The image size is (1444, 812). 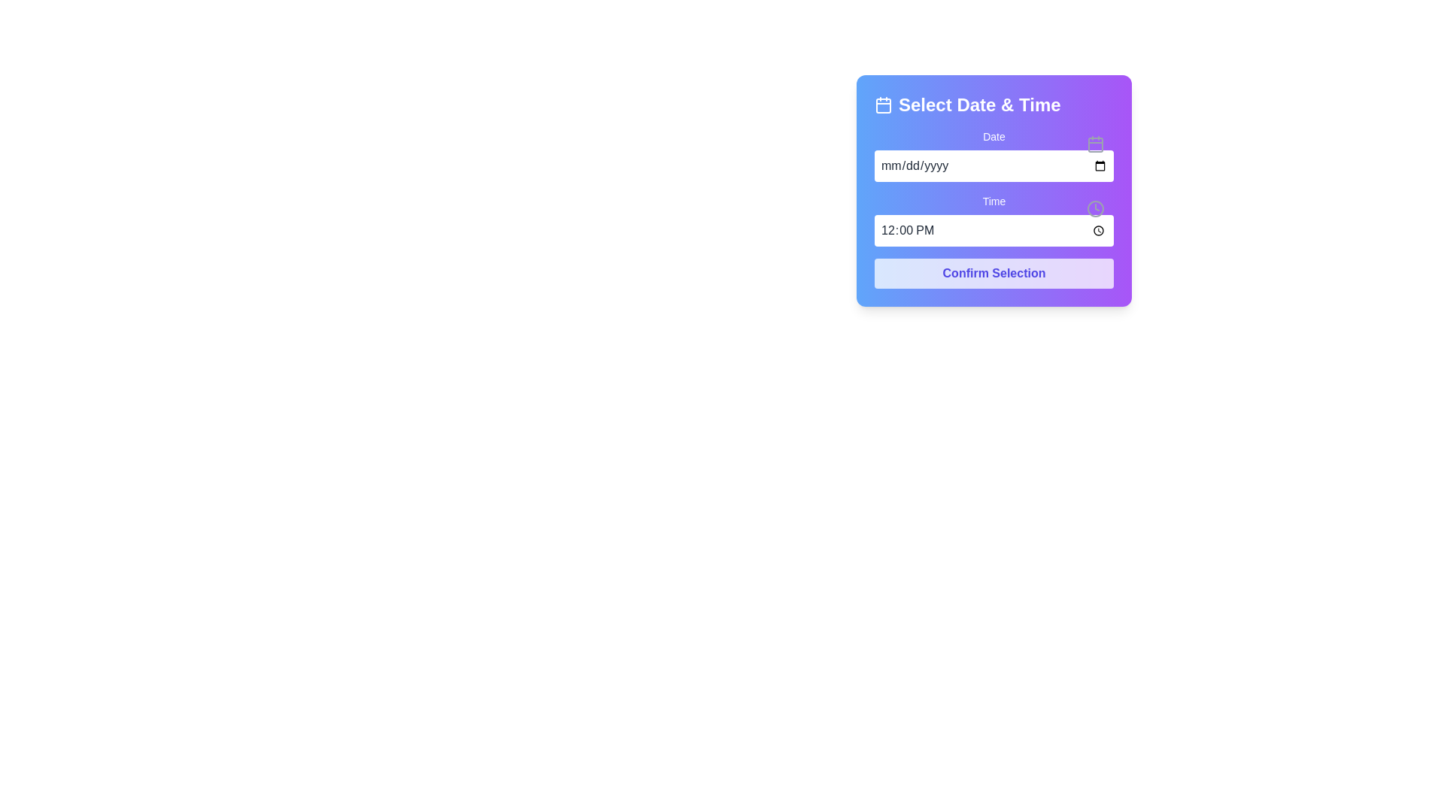 What do you see at coordinates (884, 104) in the screenshot?
I see `the decorative icon located to the left of the 'Select Date & Time' text in the top section of the interface panel` at bounding box center [884, 104].